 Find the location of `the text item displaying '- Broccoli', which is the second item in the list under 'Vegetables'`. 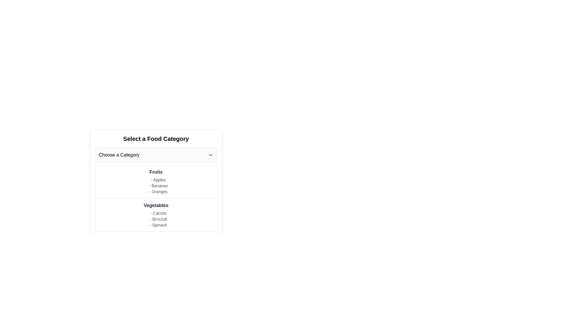

the text item displaying '- Broccoli', which is the second item in the list under 'Vegetables' is located at coordinates (158, 219).